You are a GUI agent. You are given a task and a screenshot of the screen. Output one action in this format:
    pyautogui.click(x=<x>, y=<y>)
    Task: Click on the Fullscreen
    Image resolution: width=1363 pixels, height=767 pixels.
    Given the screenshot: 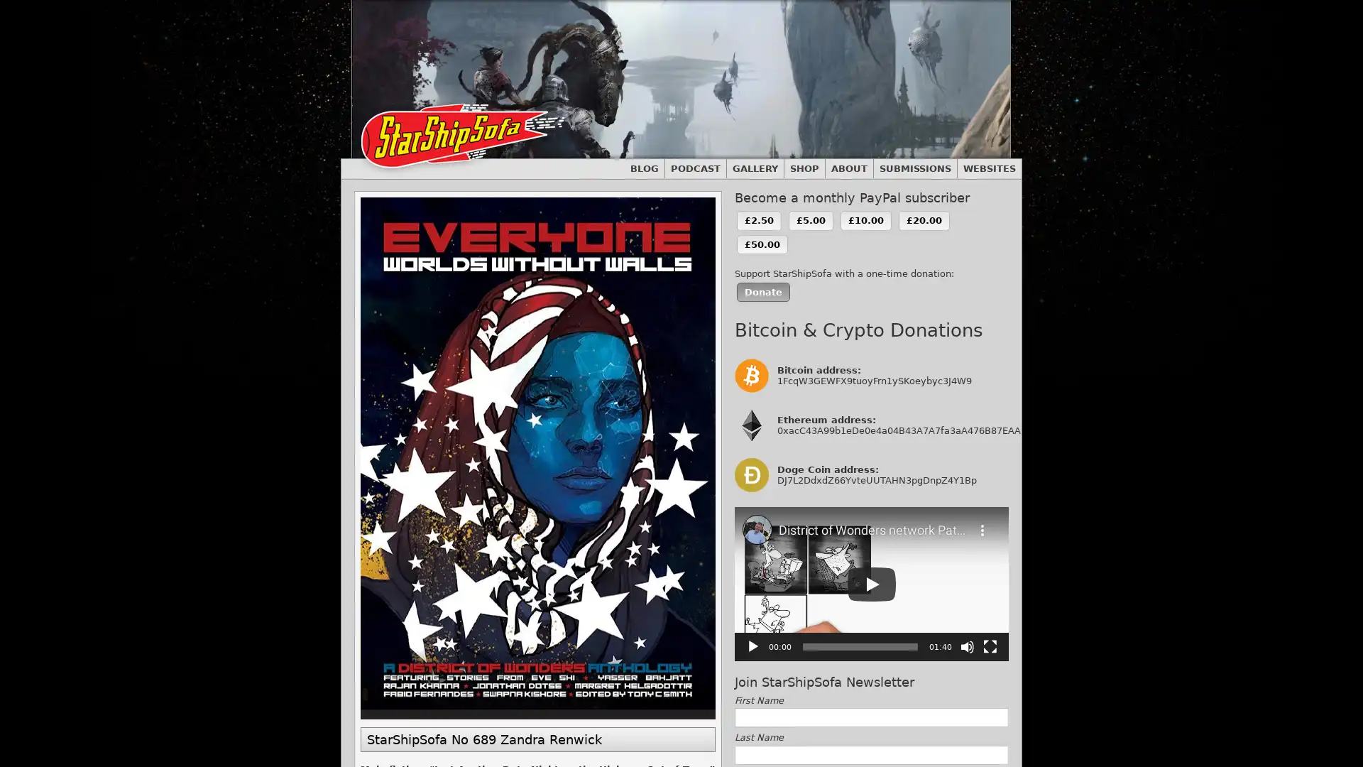 What is the action you would take?
    pyautogui.click(x=990, y=646)
    